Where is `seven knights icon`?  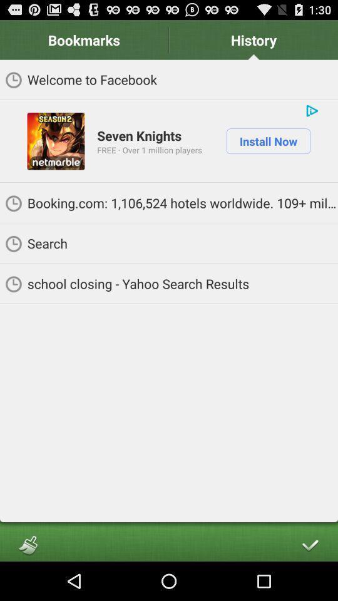
seven knights icon is located at coordinates (138, 135).